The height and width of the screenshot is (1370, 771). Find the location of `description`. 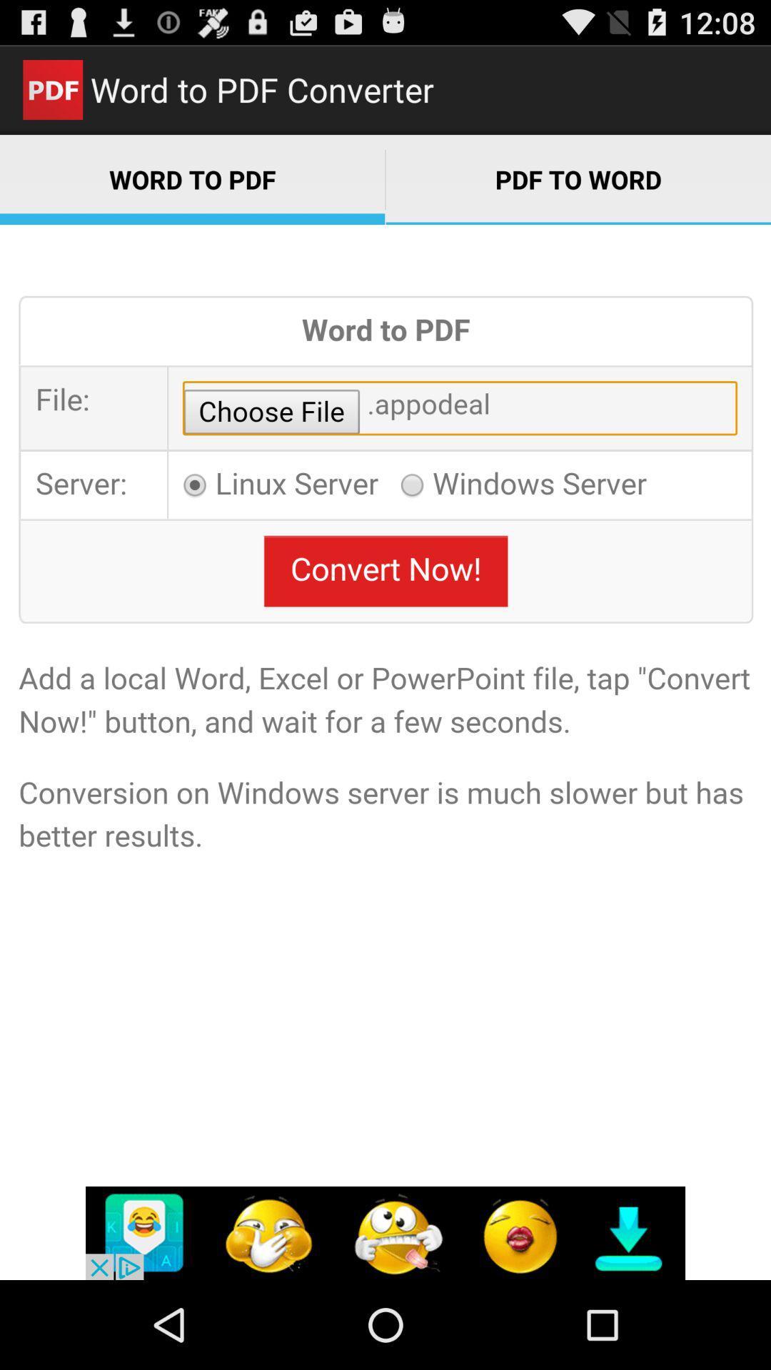

description is located at coordinates (385, 751).